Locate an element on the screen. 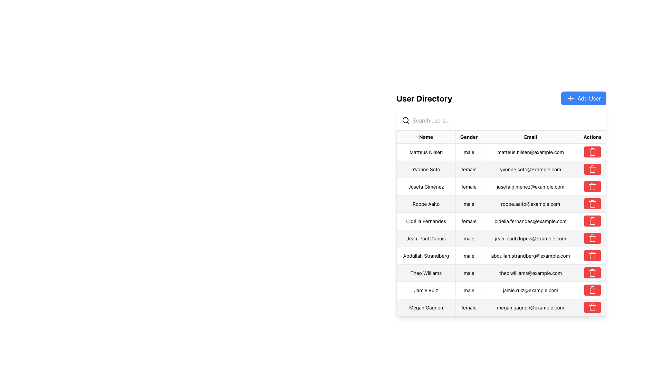 This screenshot has height=373, width=663. the cross-shaped '+' icon in the blue 'Add User' button located at the top-right corner of the user interface is located at coordinates (570, 98).